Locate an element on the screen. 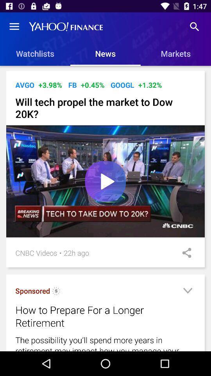  item next to +0.45% icon is located at coordinates (72, 85).